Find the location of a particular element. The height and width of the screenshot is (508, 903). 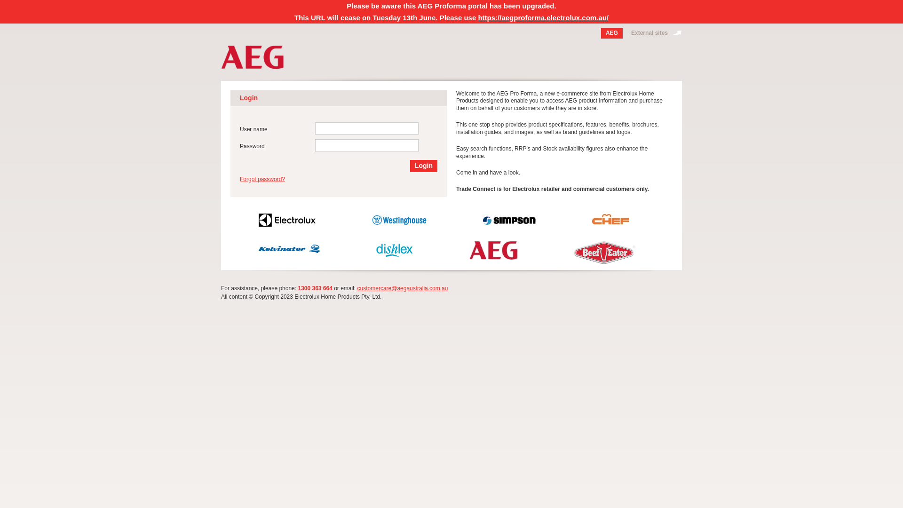

'customercare@aegaustralia.com.au' is located at coordinates (403, 288).